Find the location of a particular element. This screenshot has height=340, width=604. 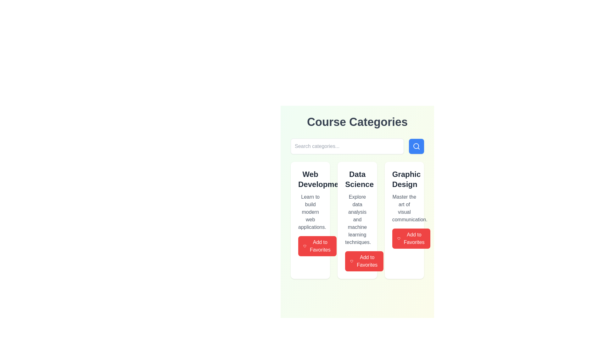

the 'favorite' icon within the third 'Add to Favorites' button aligned with the 'Graphic Design' section is located at coordinates (398, 239).